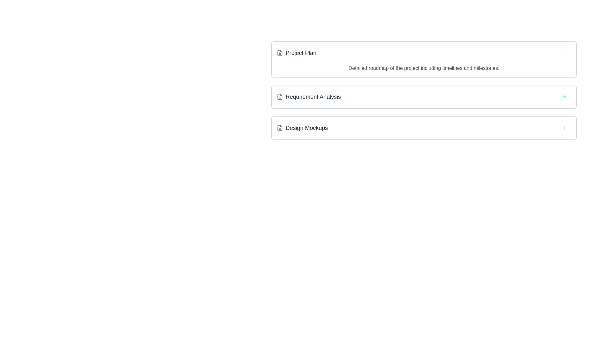  I want to click on the 'Requirement Analysis' item in the list, so click(309, 97).